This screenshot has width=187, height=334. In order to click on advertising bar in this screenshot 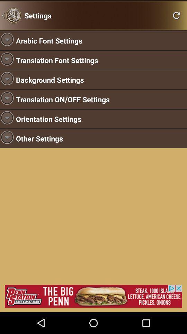, I will do `click(93, 296)`.